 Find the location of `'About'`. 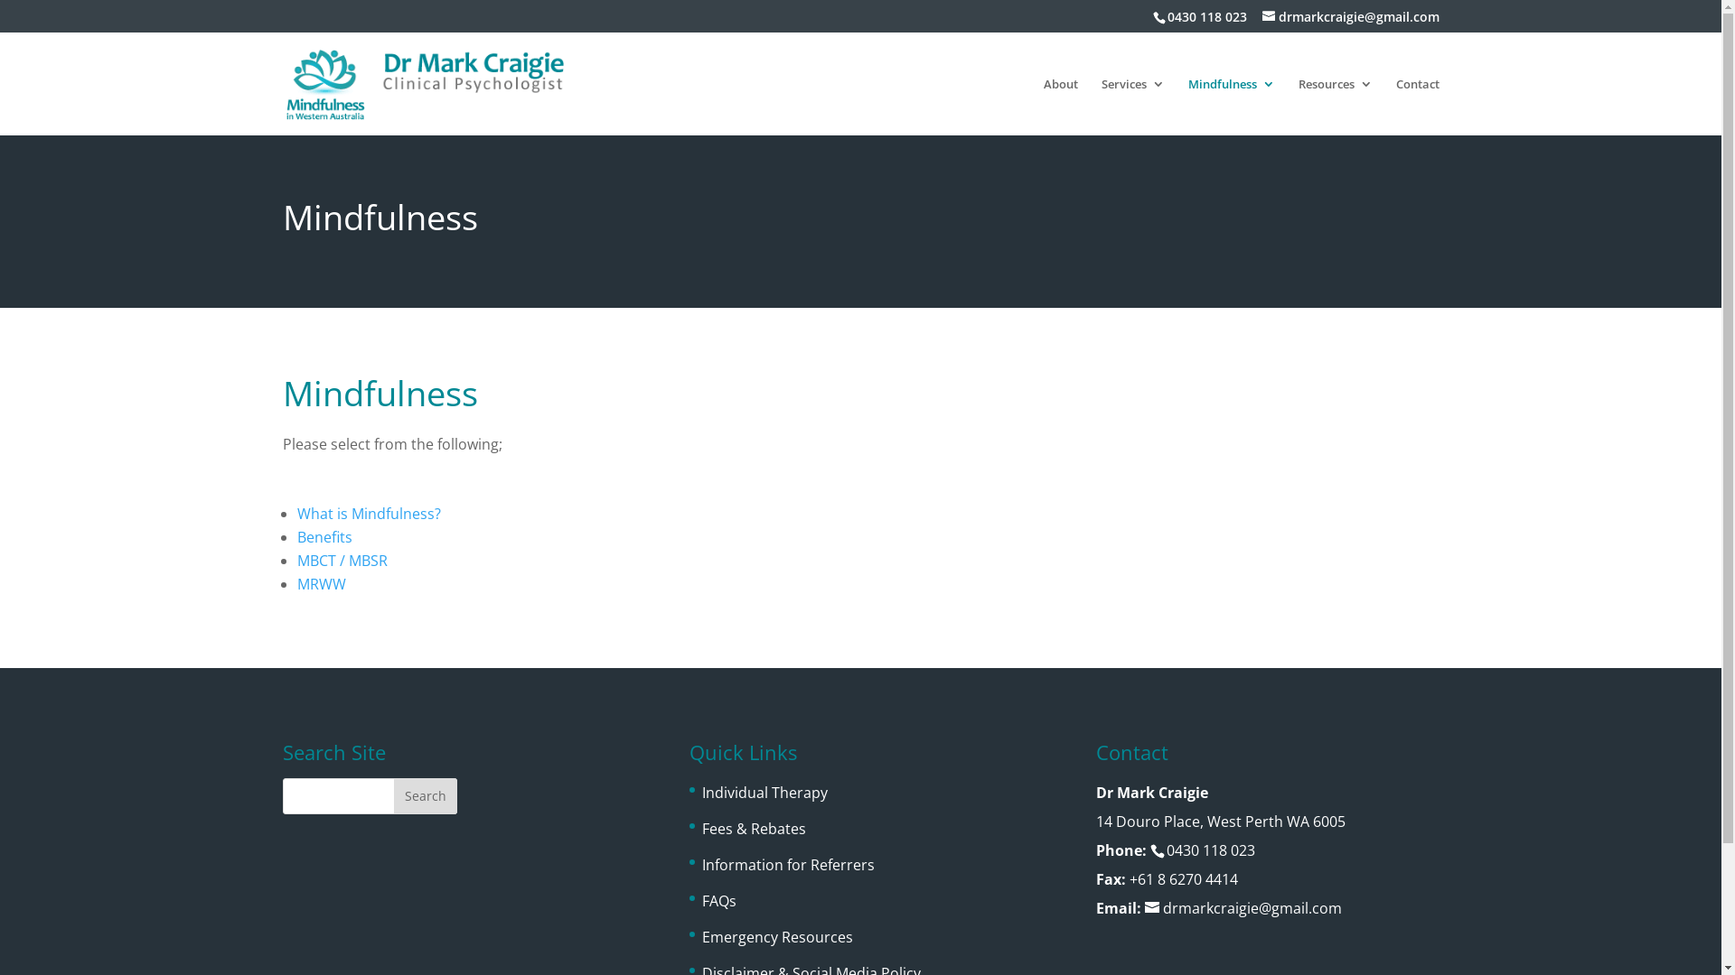

'About' is located at coordinates (1042, 107).